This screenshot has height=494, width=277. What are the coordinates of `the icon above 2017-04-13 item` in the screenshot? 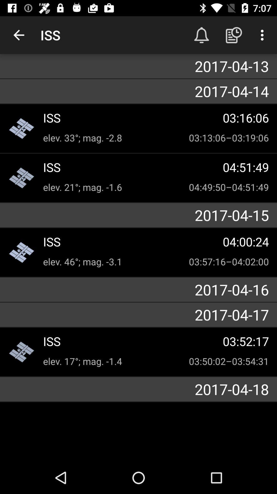 It's located at (201, 35).